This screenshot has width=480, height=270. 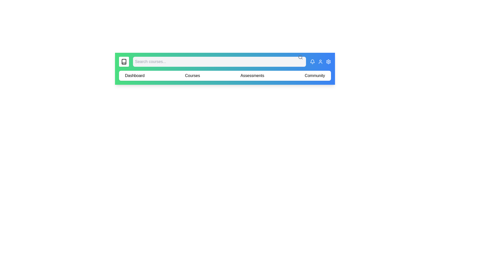 What do you see at coordinates (320, 61) in the screenshot?
I see `the user profile icon to open the user profile menu` at bounding box center [320, 61].